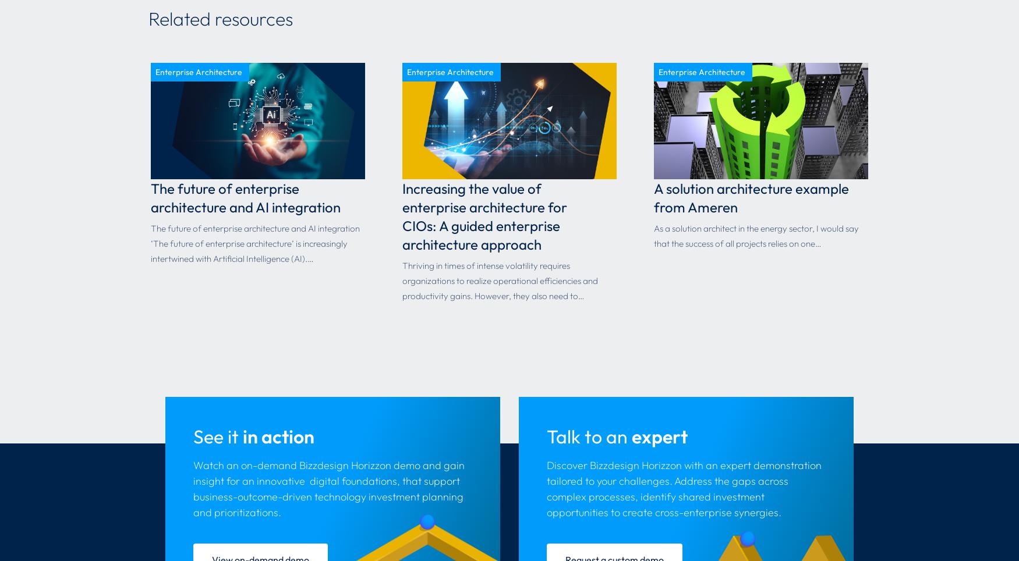 Image resolution: width=1019 pixels, height=561 pixels. What do you see at coordinates (245, 197) in the screenshot?
I see `'The future of enterprise architecture and AI integration'` at bounding box center [245, 197].